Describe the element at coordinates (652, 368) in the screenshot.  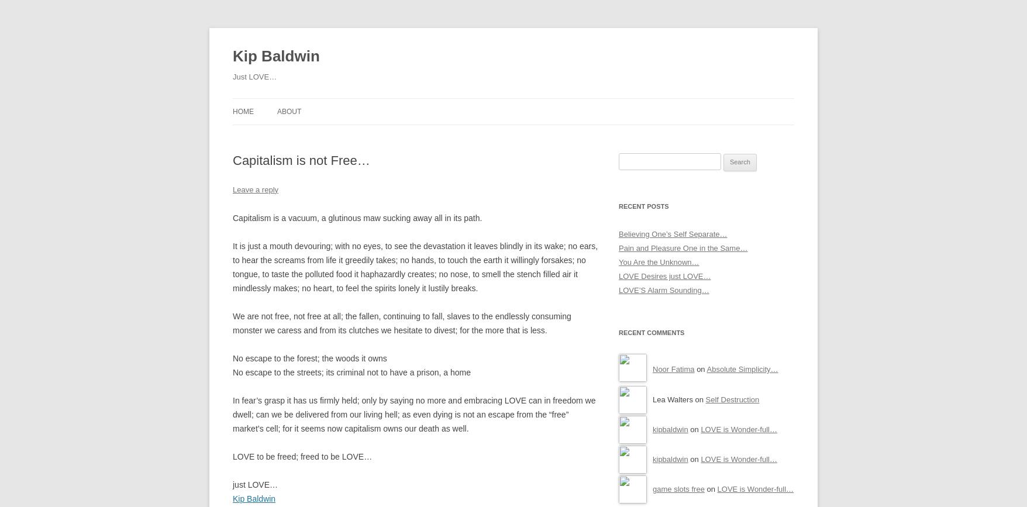
I see `'Noor Fatima'` at that location.